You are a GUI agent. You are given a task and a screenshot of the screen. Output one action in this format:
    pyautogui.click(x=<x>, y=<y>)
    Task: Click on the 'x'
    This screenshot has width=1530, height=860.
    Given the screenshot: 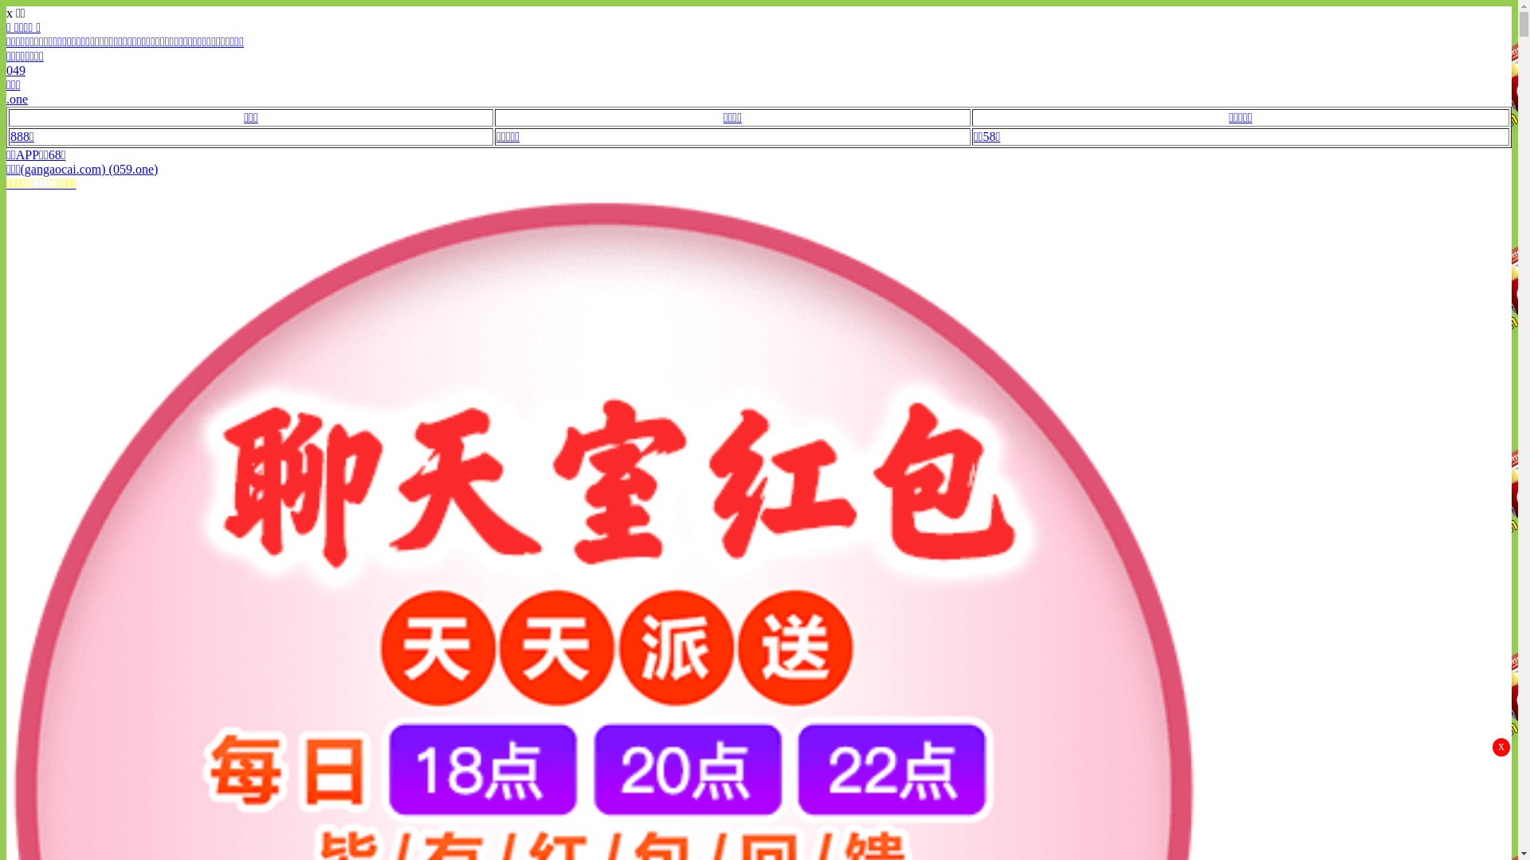 What is the action you would take?
    pyautogui.click(x=1500, y=747)
    